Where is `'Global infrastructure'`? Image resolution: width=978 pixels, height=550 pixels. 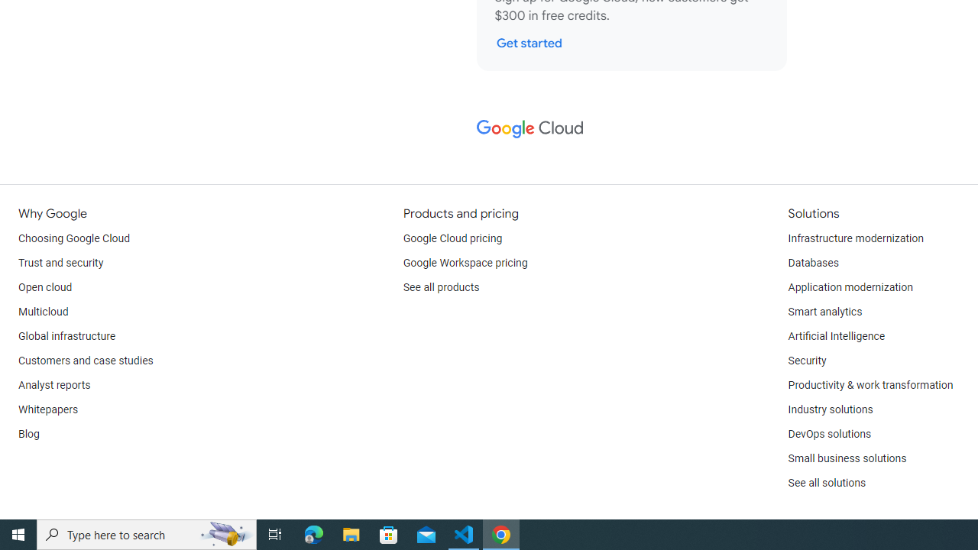
'Global infrastructure' is located at coordinates (66, 336).